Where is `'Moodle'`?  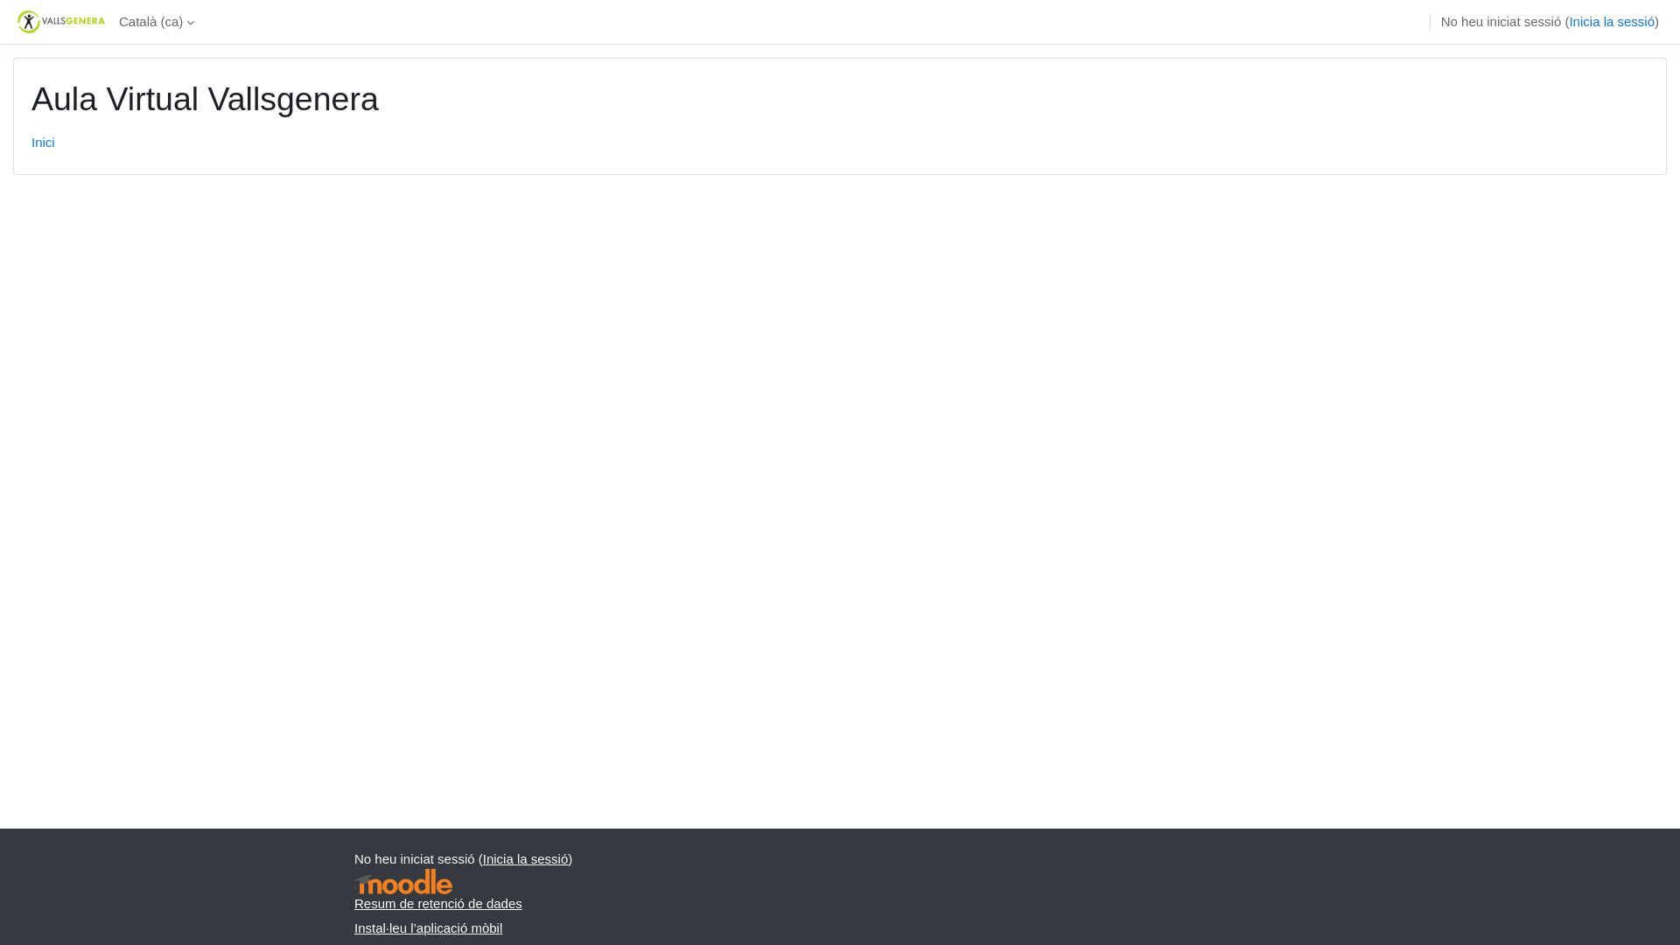 'Moodle' is located at coordinates (402, 881).